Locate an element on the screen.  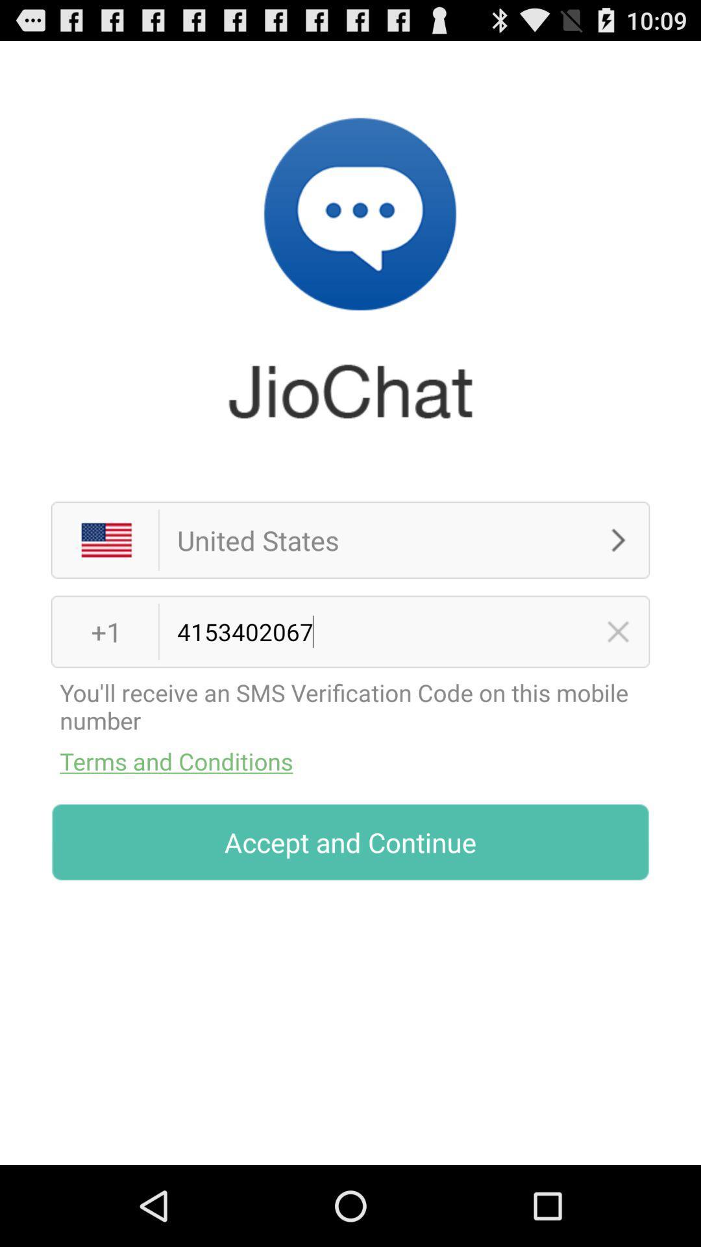
delete number information is located at coordinates (617, 631).